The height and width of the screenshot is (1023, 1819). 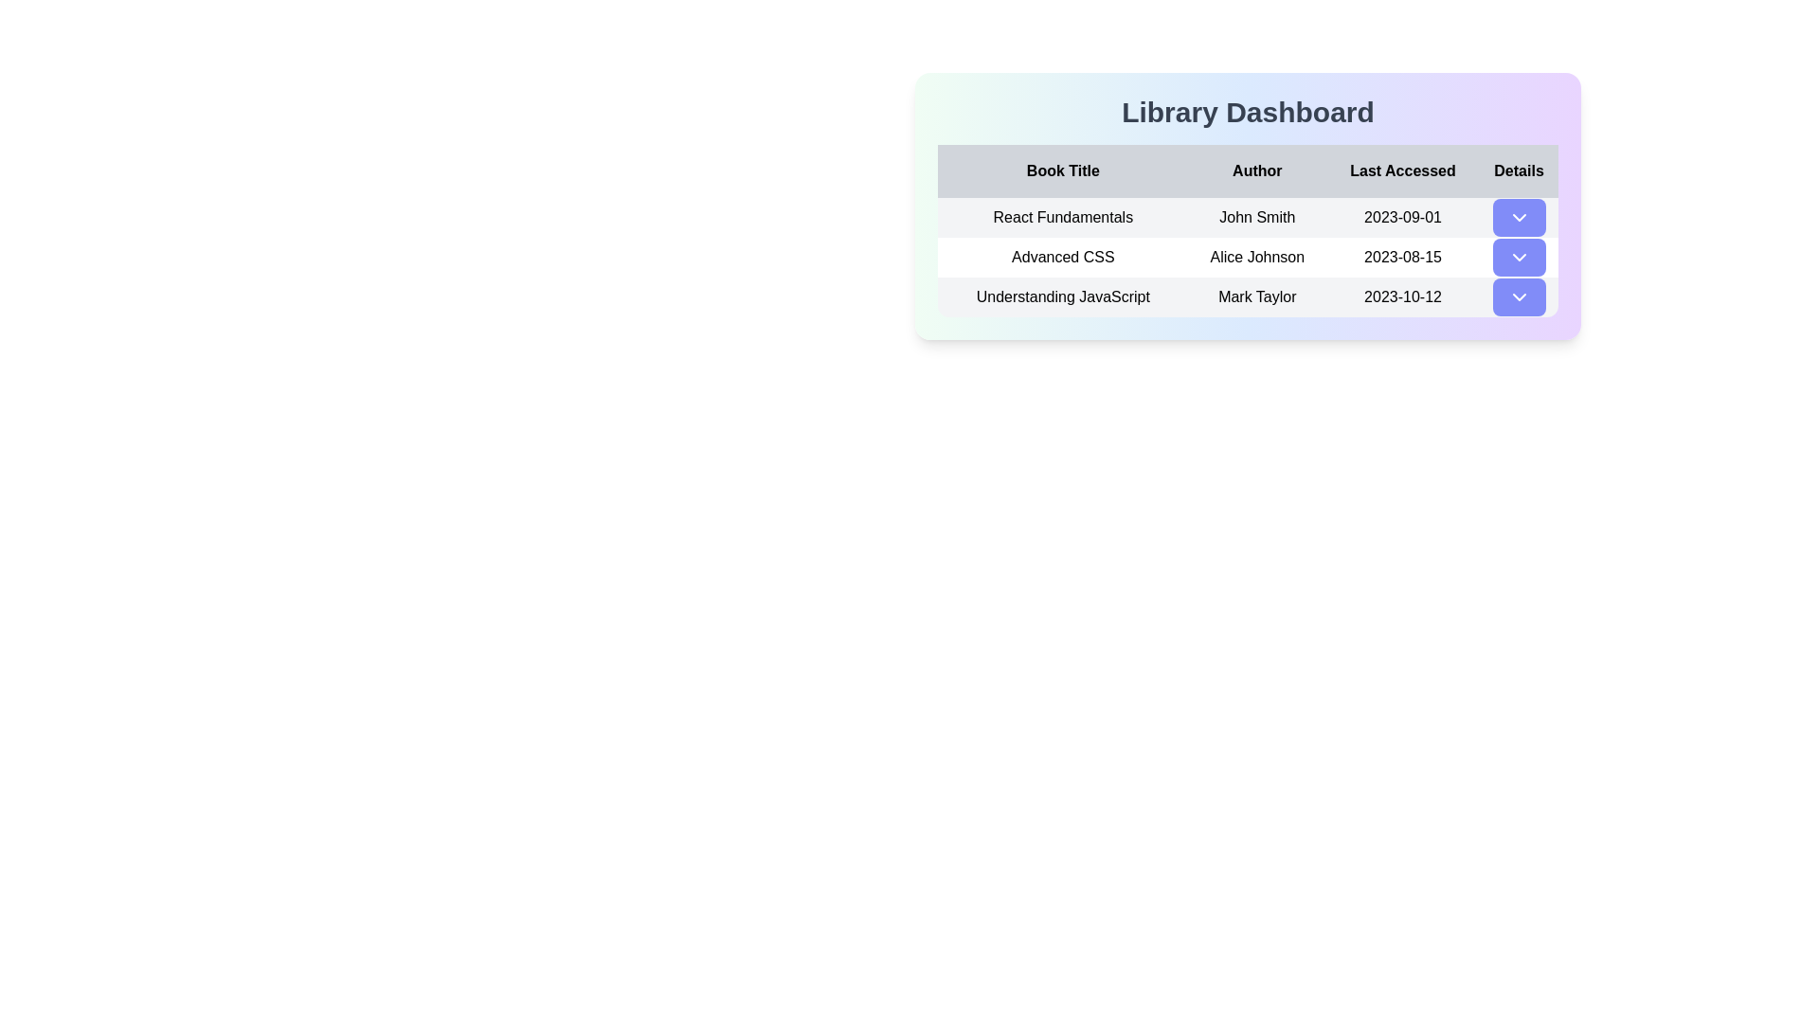 What do you see at coordinates (1403, 296) in the screenshot?
I see `the text label displaying '2023-10-12' located in the 'Last Accessed' column of the table for the row corresponding to 'Understanding JavaScript' by 'Mark Taylor'` at bounding box center [1403, 296].